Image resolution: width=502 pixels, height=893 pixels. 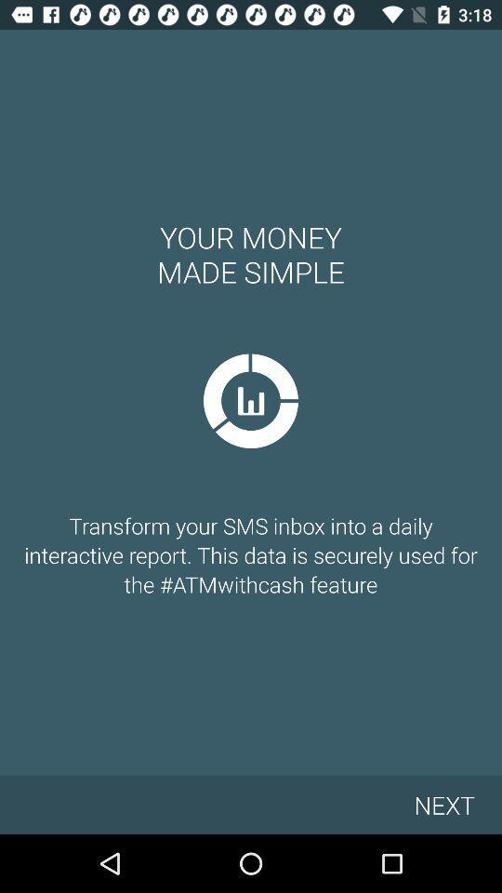 I want to click on next, so click(x=443, y=804).